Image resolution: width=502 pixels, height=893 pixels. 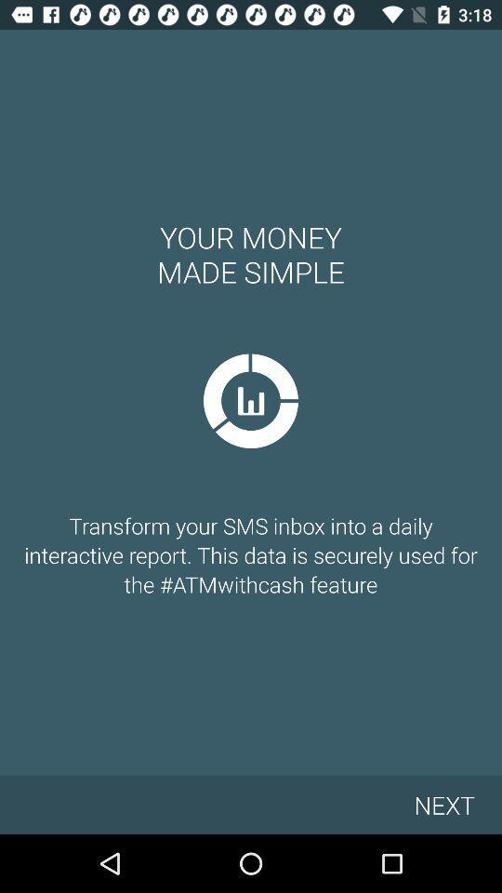 I want to click on next, so click(x=443, y=804).